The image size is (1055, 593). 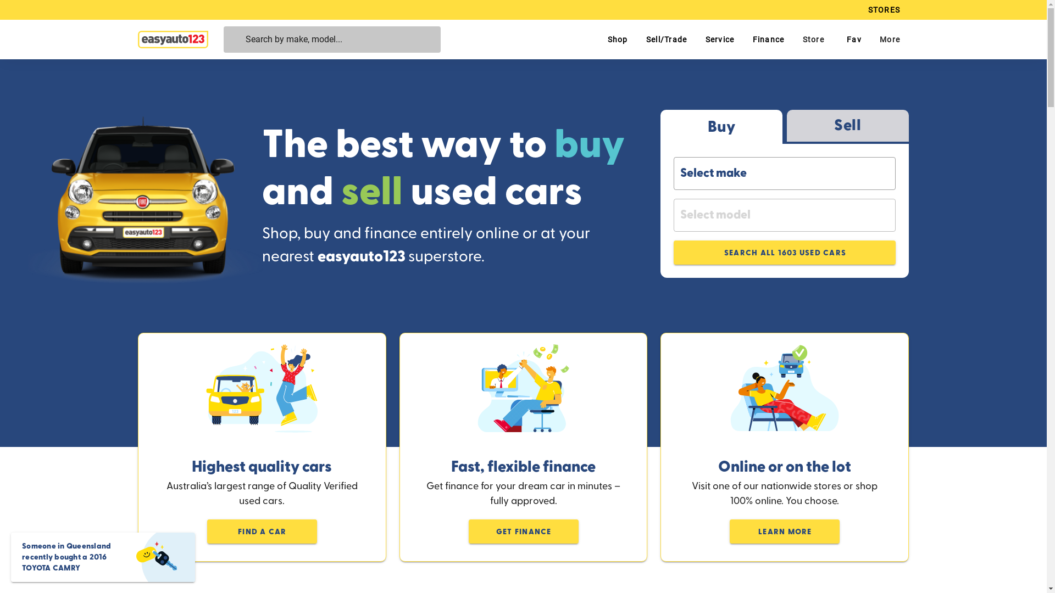 What do you see at coordinates (468, 531) in the screenshot?
I see `'GET FINANCE'` at bounding box center [468, 531].